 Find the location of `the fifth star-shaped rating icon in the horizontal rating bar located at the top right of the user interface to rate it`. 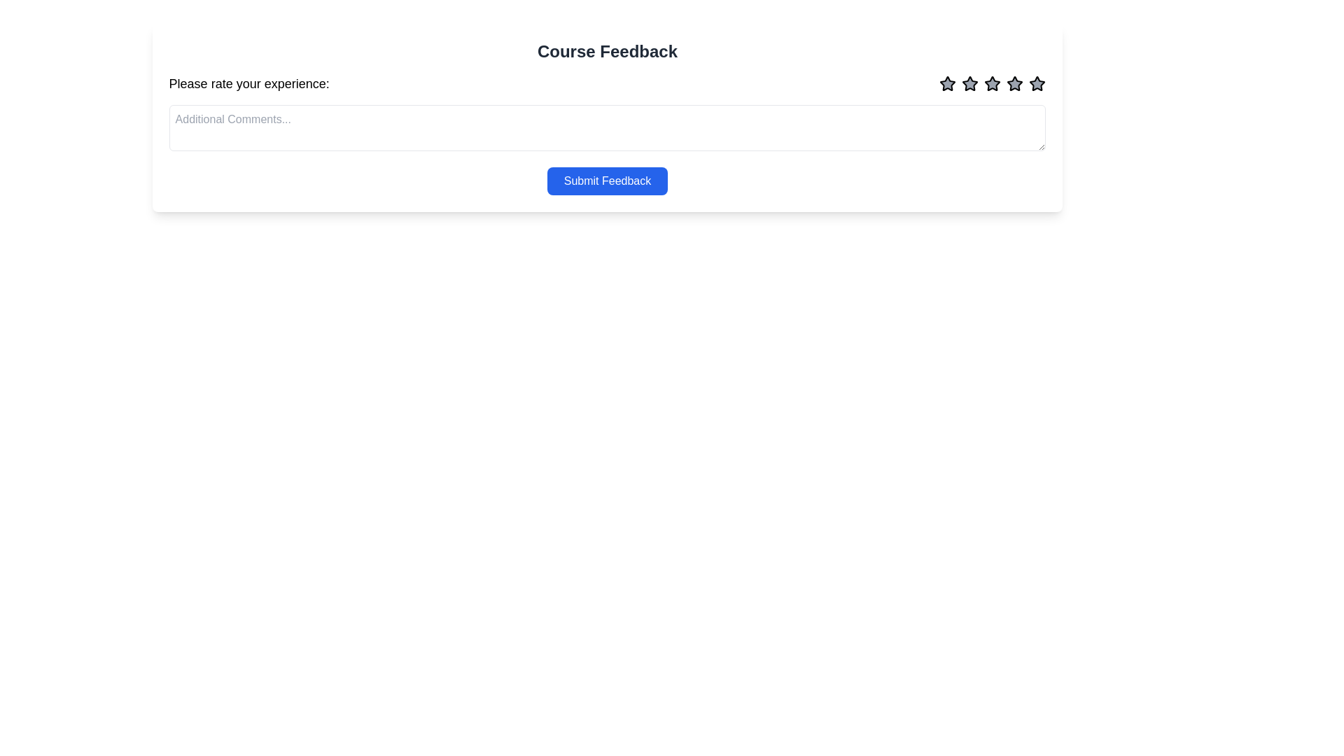

the fifth star-shaped rating icon in the horizontal rating bar located at the top right of the user interface to rate it is located at coordinates (1015, 83).